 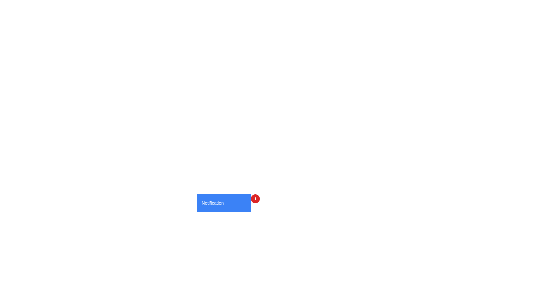 What do you see at coordinates (255, 198) in the screenshot?
I see `the small red circular badge with the number '1' in white bold text, located at the top-right corner of the blue notification button labeled 'Notification'` at bounding box center [255, 198].